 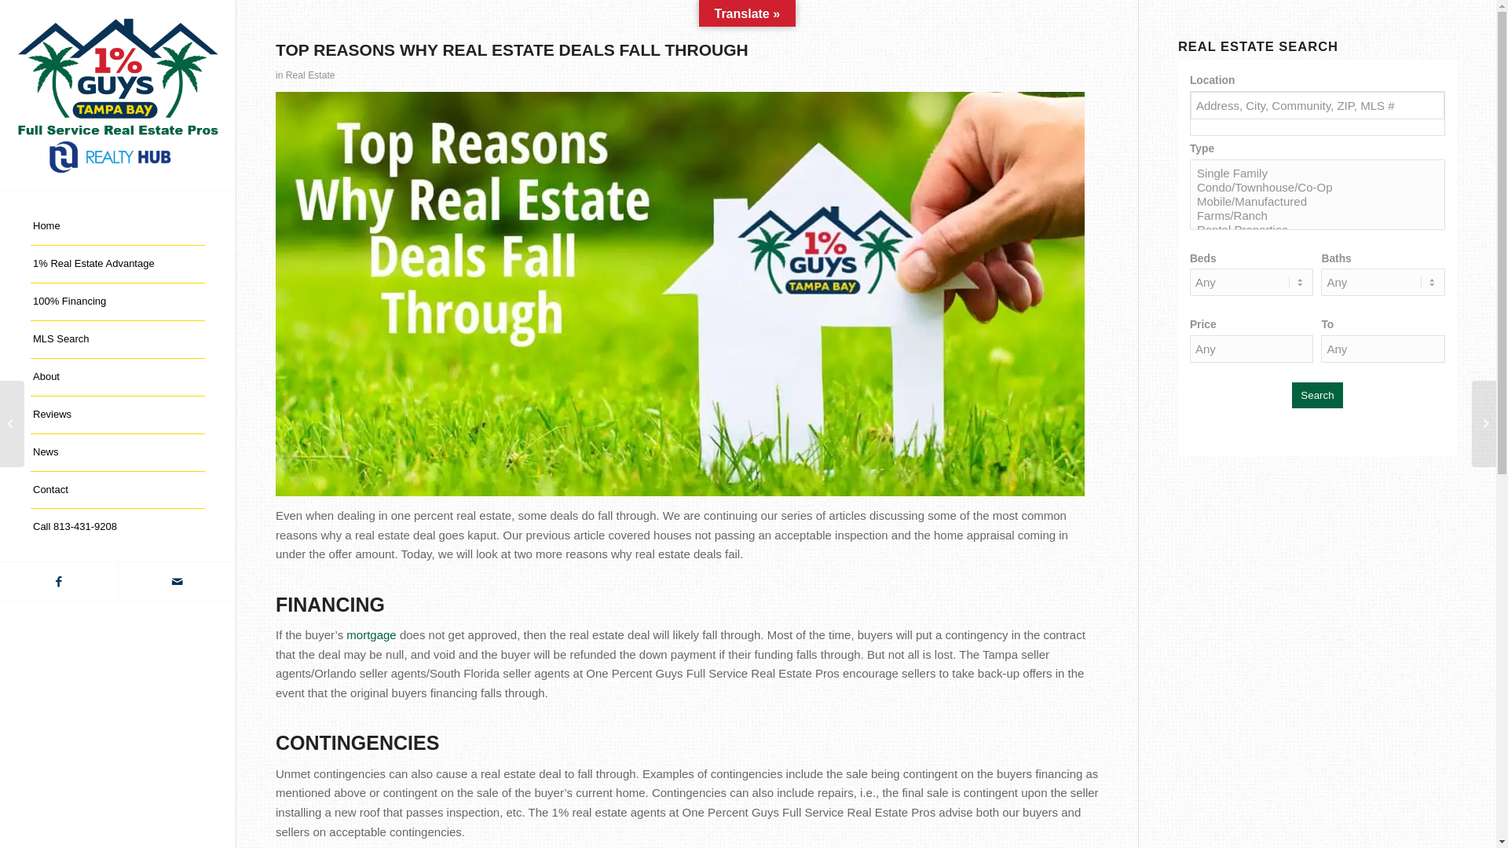 I want to click on 'Reviews', so click(x=116, y=414).